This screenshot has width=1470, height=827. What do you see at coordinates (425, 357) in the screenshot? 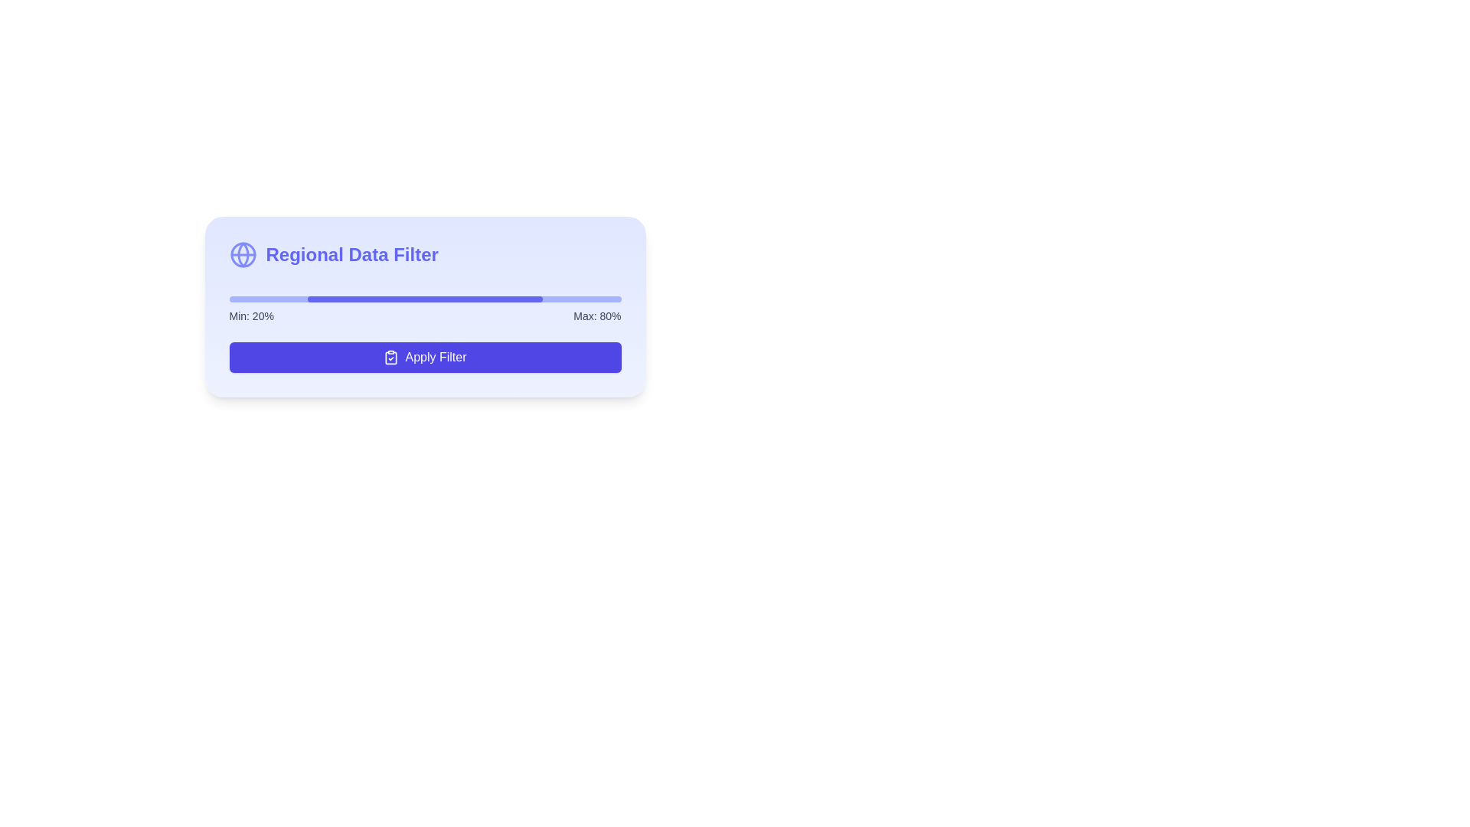
I see `the 'Apply Filter' button, which is displayed with white text on a purple background and features a clipboard icon with a checkmark` at bounding box center [425, 357].